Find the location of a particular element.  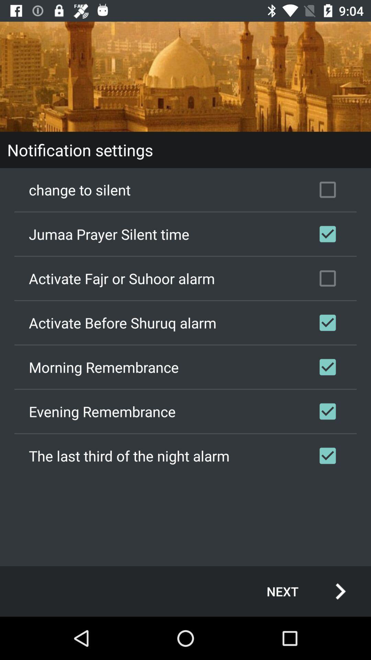

the activate before shuruq icon is located at coordinates (185, 322).